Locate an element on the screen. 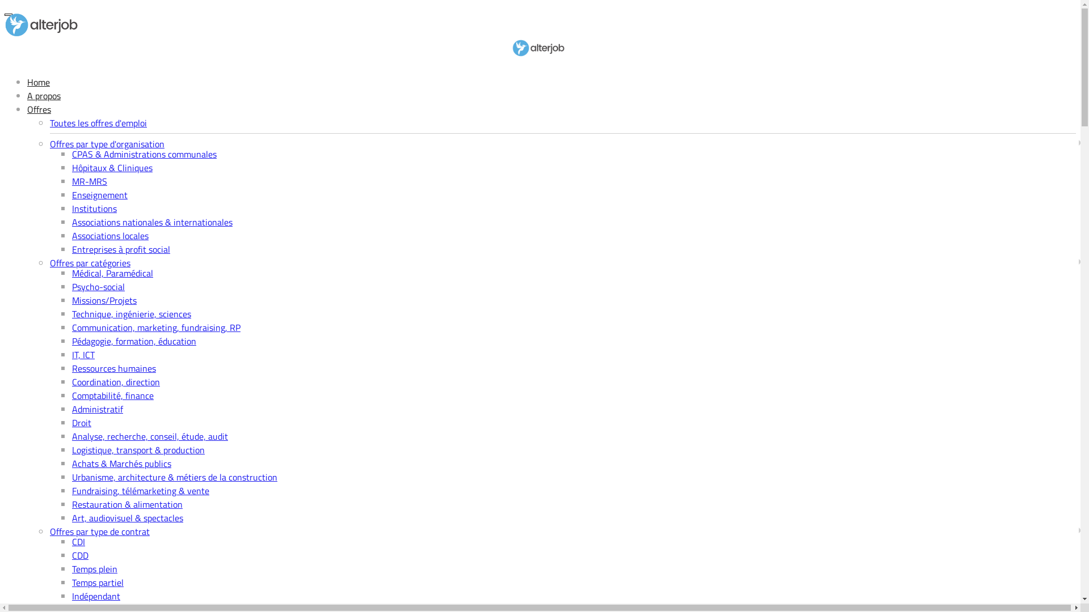  'Home' is located at coordinates (38, 82).